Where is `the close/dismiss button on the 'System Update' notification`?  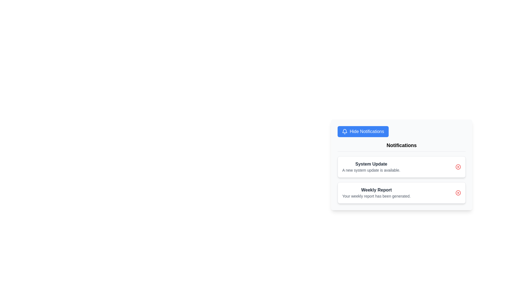
the close/dismiss button on the 'System Update' notification is located at coordinates (458, 167).